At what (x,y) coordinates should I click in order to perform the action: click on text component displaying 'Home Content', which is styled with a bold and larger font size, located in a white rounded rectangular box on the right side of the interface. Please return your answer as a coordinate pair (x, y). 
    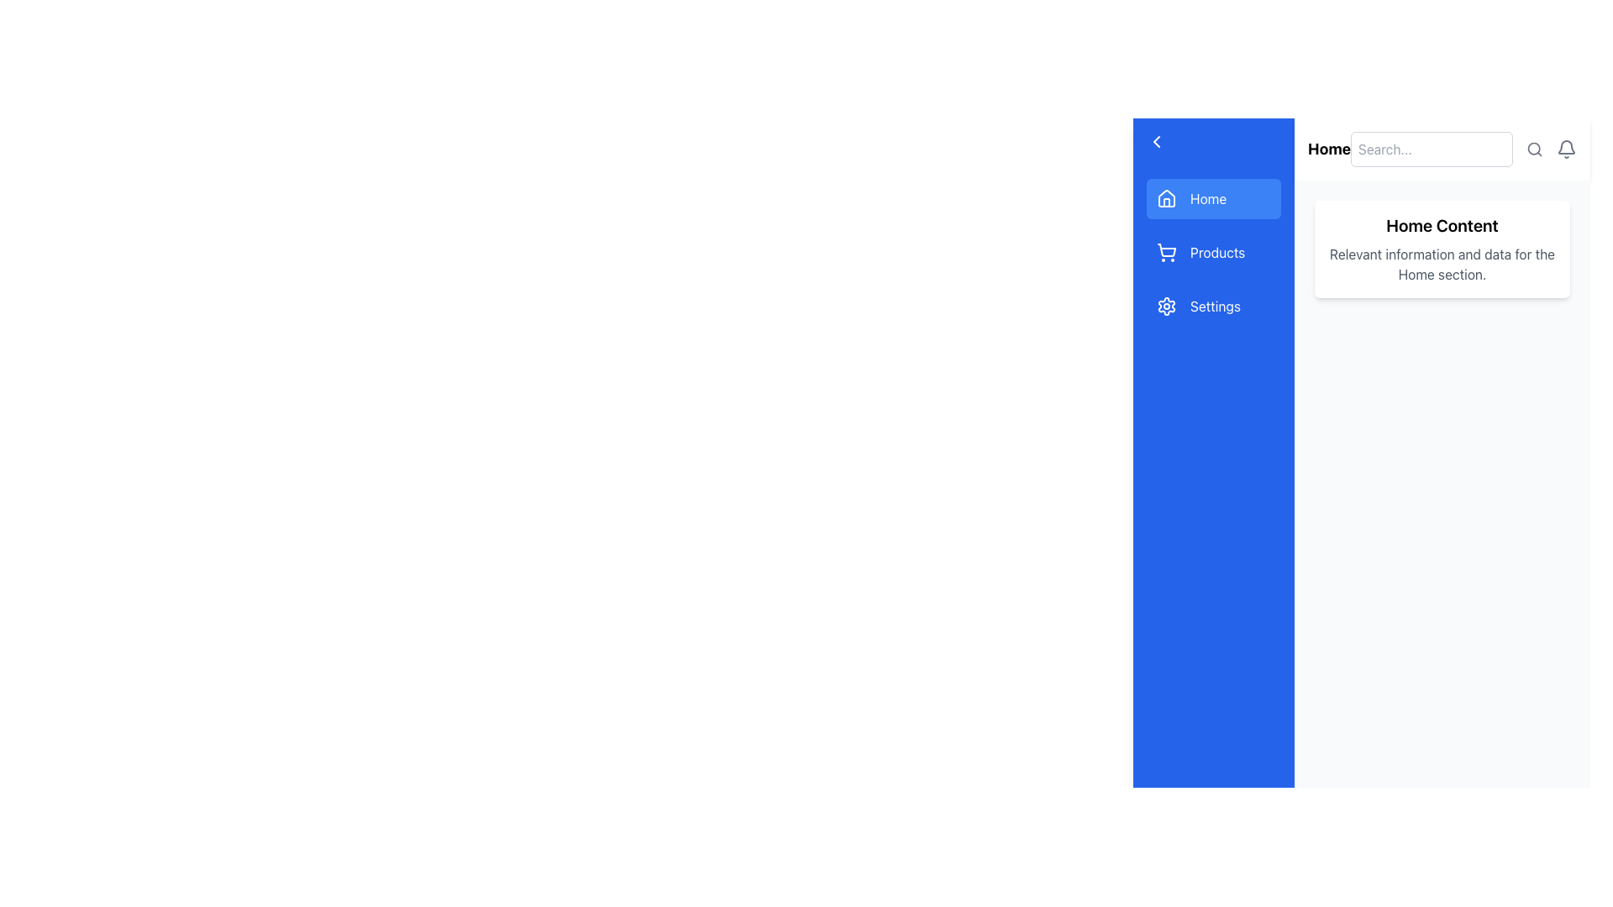
    Looking at the image, I should click on (1442, 225).